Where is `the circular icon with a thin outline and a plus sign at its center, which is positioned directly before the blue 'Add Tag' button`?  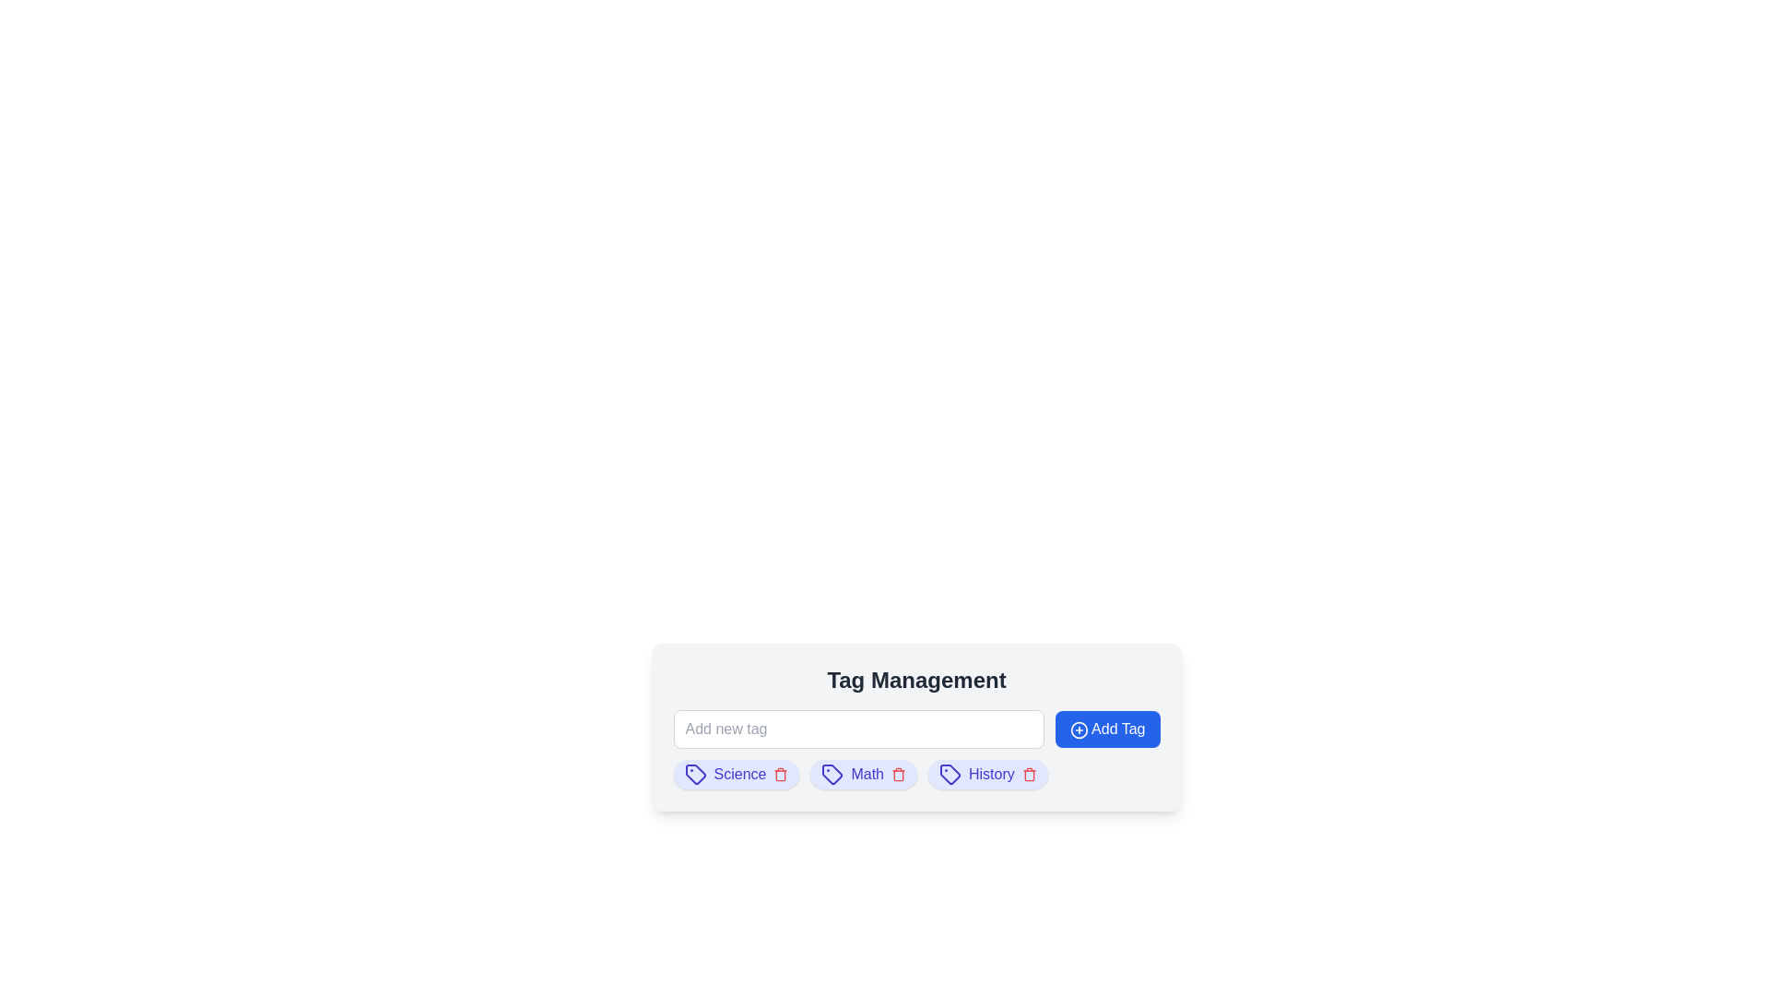
the circular icon with a thin outline and a plus sign at its center, which is positioned directly before the blue 'Add Tag' button is located at coordinates (1079, 729).